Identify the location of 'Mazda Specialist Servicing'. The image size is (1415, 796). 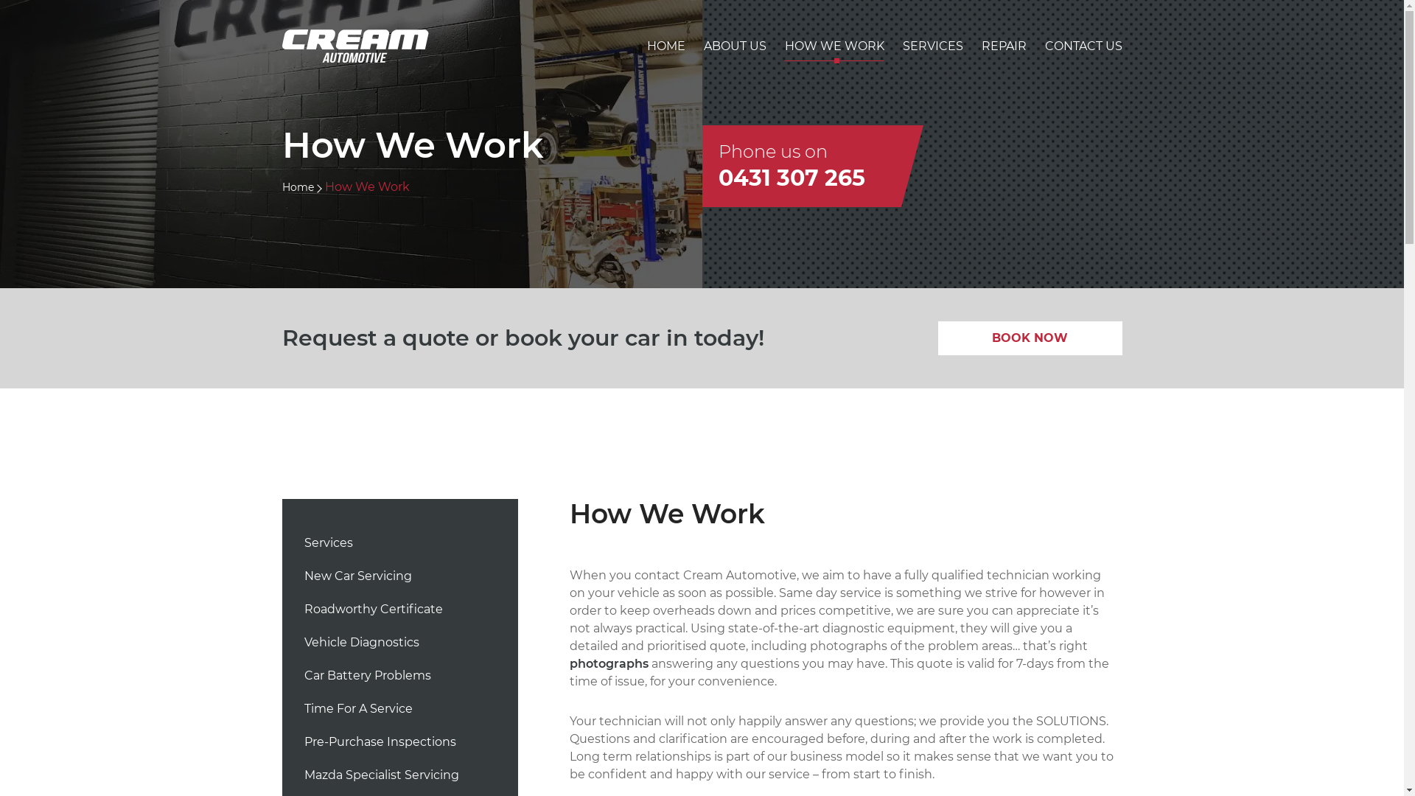
(381, 780).